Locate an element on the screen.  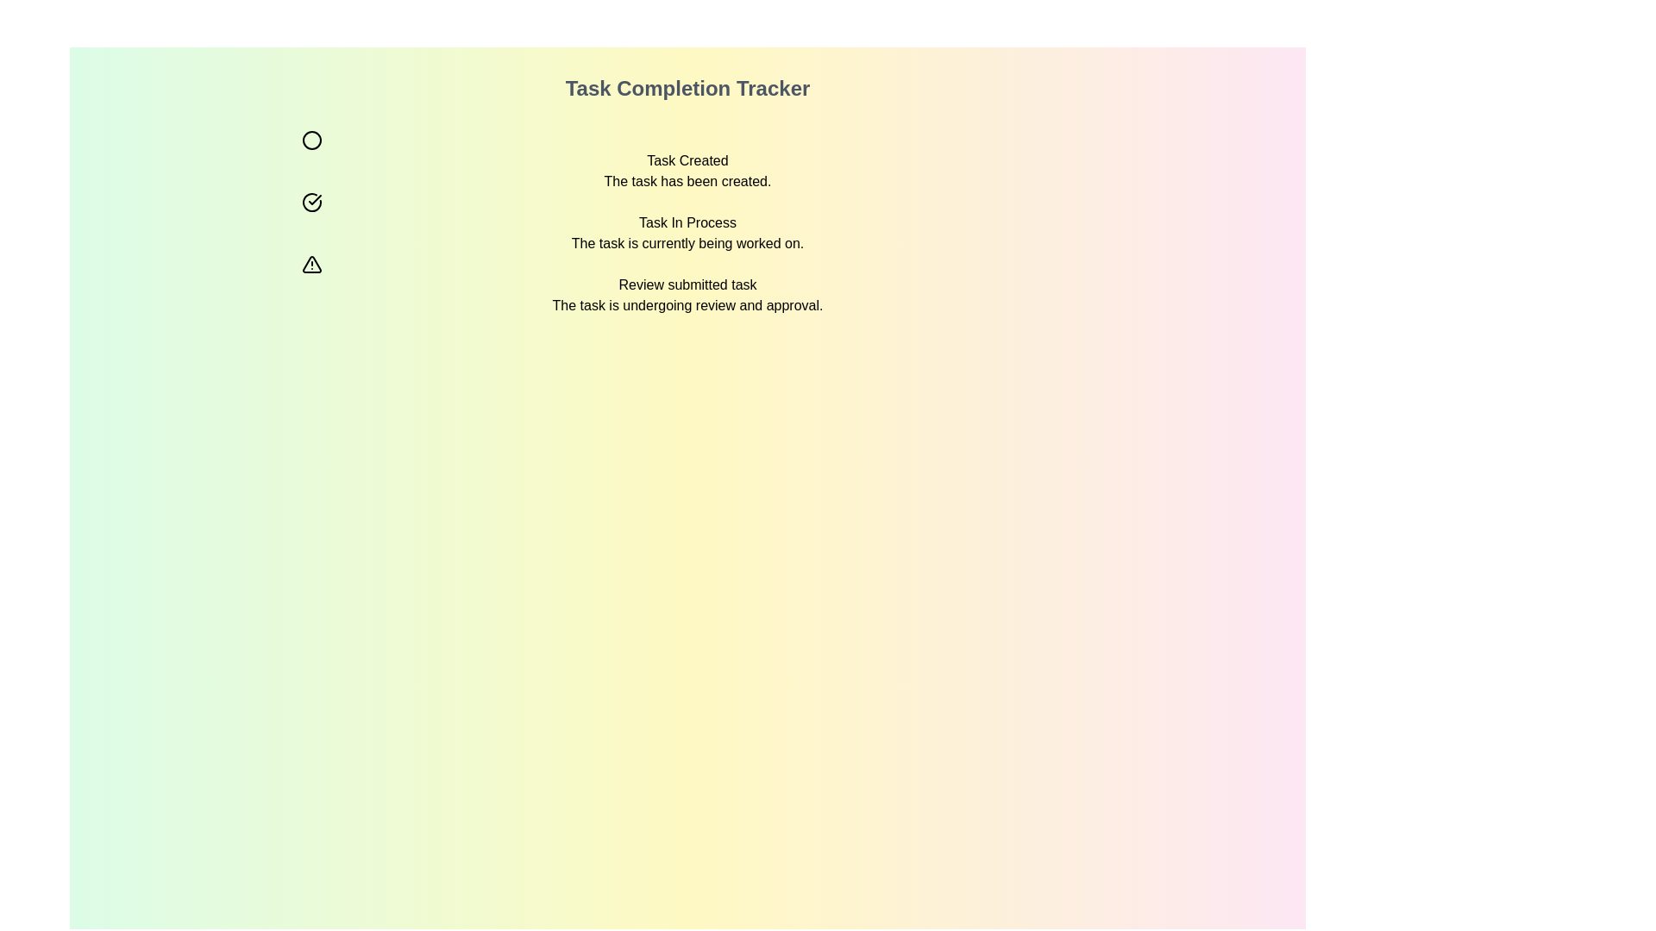
the text block that displays 'Review submitted task' and its description 'The task is undergoing review and approval.' is located at coordinates (687, 295).